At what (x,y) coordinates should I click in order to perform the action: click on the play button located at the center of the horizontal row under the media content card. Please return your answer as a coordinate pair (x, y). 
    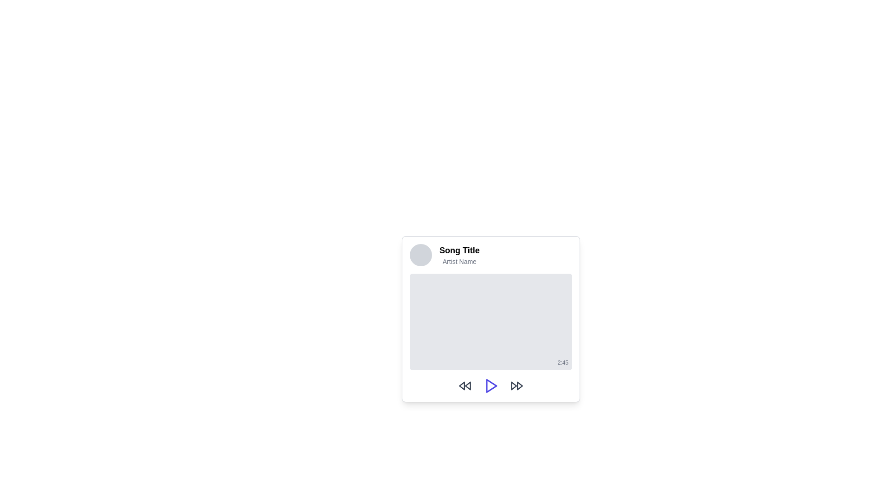
    Looking at the image, I should click on (490, 386).